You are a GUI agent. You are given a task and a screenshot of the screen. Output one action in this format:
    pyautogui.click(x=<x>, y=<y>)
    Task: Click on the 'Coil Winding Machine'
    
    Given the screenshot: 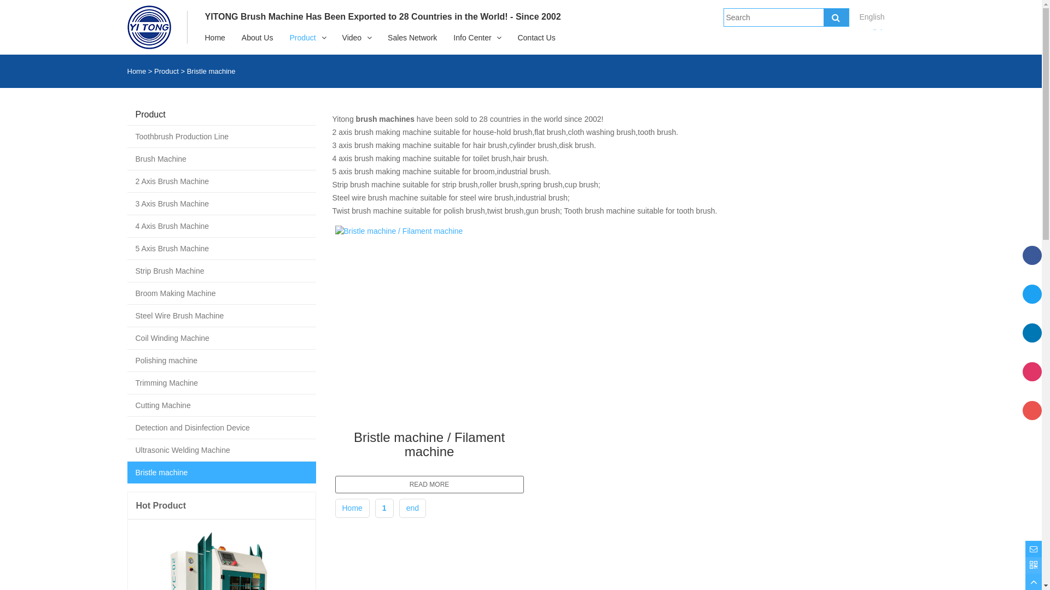 What is the action you would take?
    pyautogui.click(x=126, y=337)
    